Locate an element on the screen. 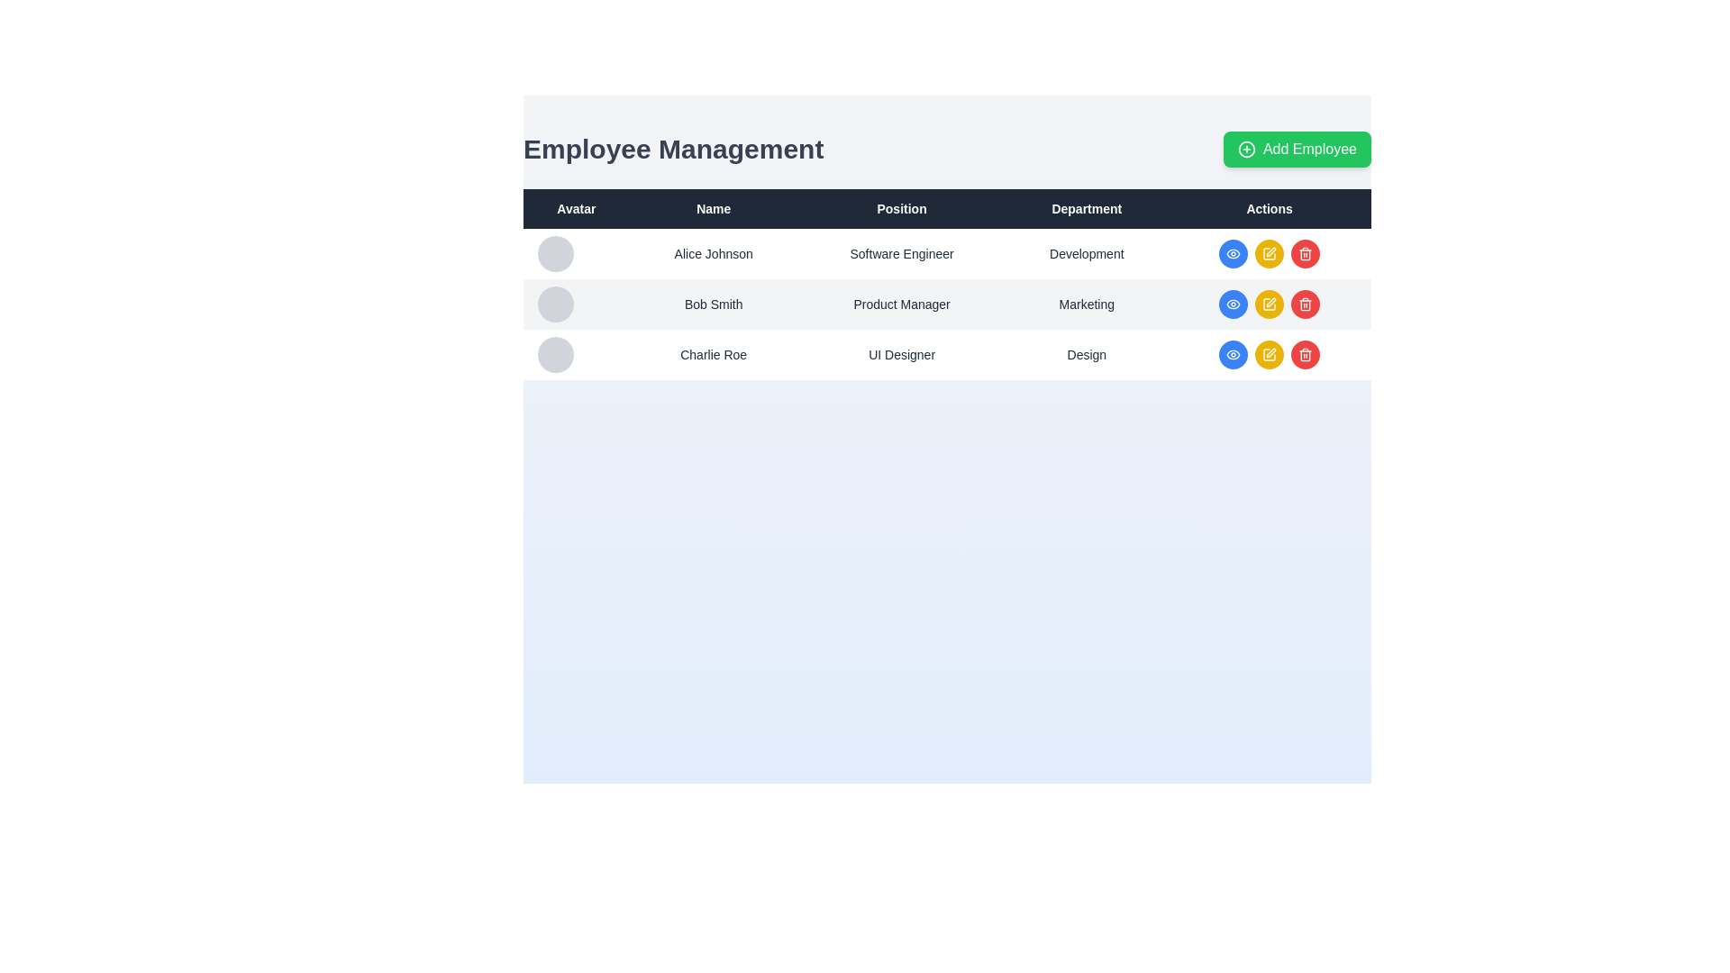 Image resolution: width=1730 pixels, height=973 pixels. Avatar placeholder graphic element representing 'Charlie Roe' in the employee management table, located in the leftmost column is located at coordinates (555, 354).